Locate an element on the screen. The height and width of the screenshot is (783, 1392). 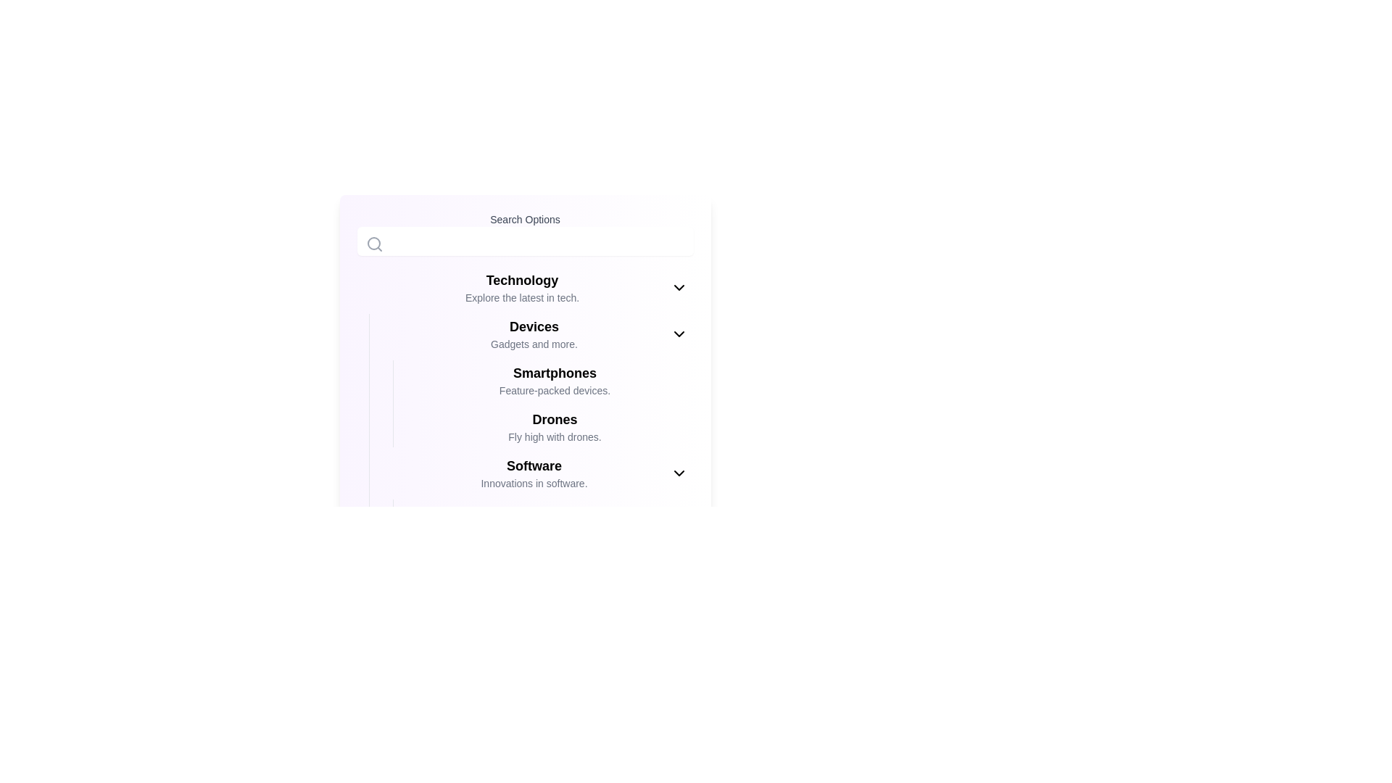
the Text label that provides a brief description for the 'Technology' section, located beneath the heading 'Technology' is located at coordinates (522, 297).